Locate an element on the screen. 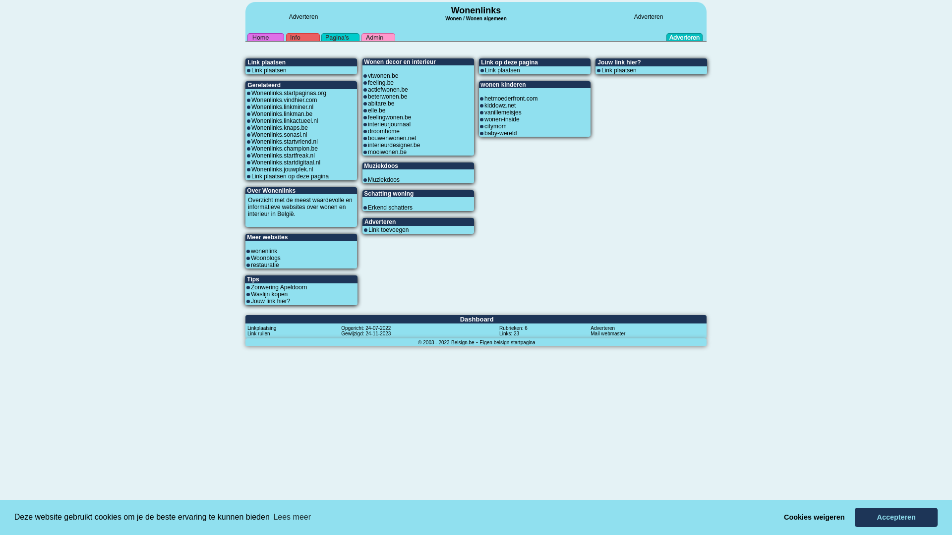 The image size is (952, 535). 'Cookies weigeren' is located at coordinates (814, 517).